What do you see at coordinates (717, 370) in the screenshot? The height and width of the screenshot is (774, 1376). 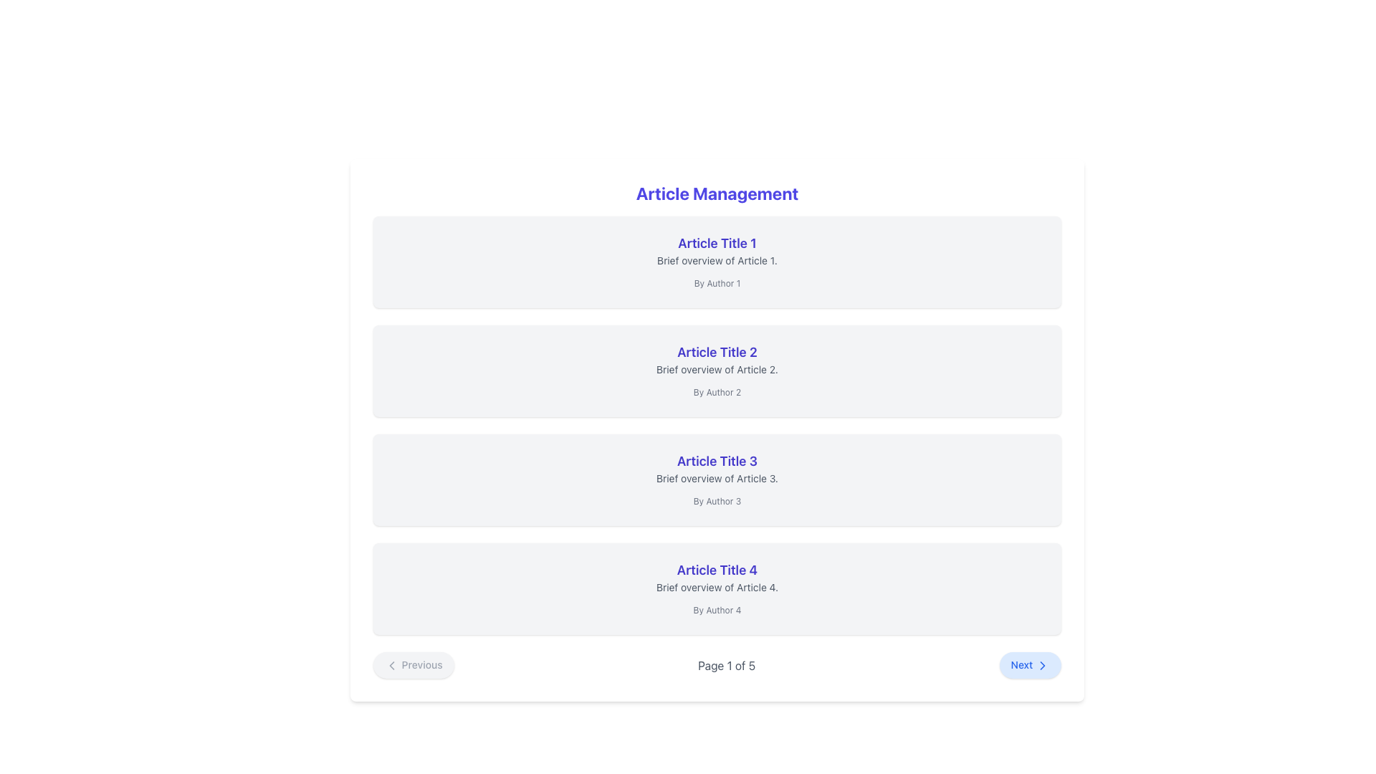 I see `the second card in the vertically stacked list, which has a light gray background and contains the title 'Article Title 2' in bold indigo font` at bounding box center [717, 370].